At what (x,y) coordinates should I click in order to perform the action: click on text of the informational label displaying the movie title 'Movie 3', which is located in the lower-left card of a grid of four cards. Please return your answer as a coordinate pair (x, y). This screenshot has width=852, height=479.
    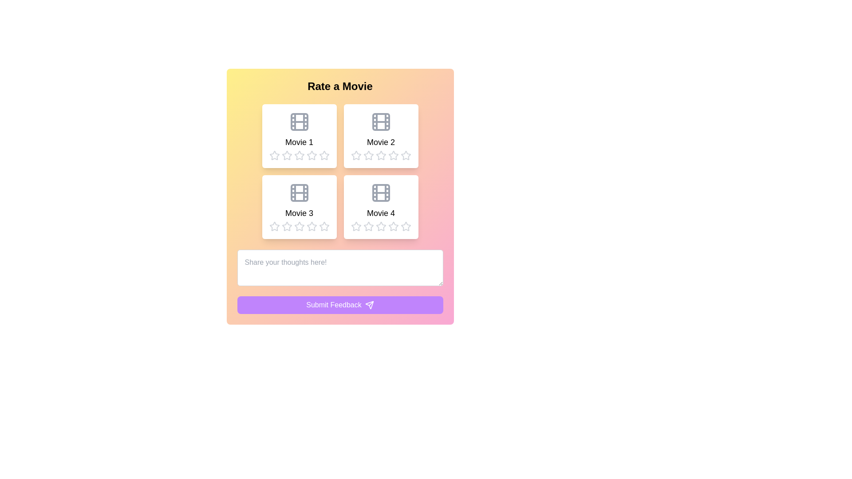
    Looking at the image, I should click on (299, 213).